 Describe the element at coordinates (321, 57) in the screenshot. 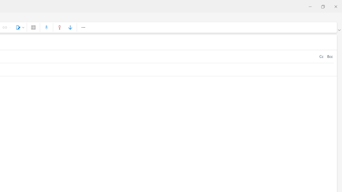

I see `'Cc'` at that location.